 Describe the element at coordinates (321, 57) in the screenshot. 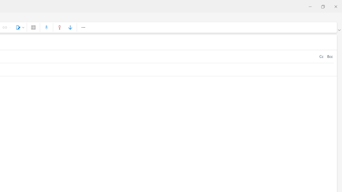

I see `'Cc'` at that location.